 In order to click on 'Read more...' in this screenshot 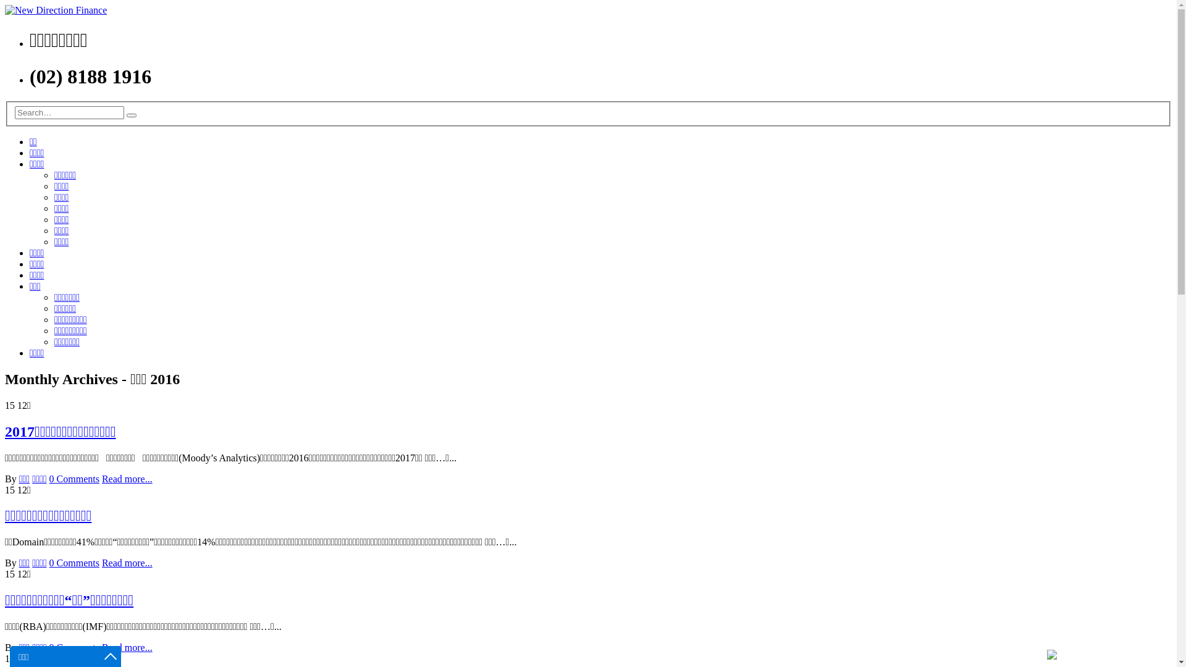, I will do `click(127, 647)`.